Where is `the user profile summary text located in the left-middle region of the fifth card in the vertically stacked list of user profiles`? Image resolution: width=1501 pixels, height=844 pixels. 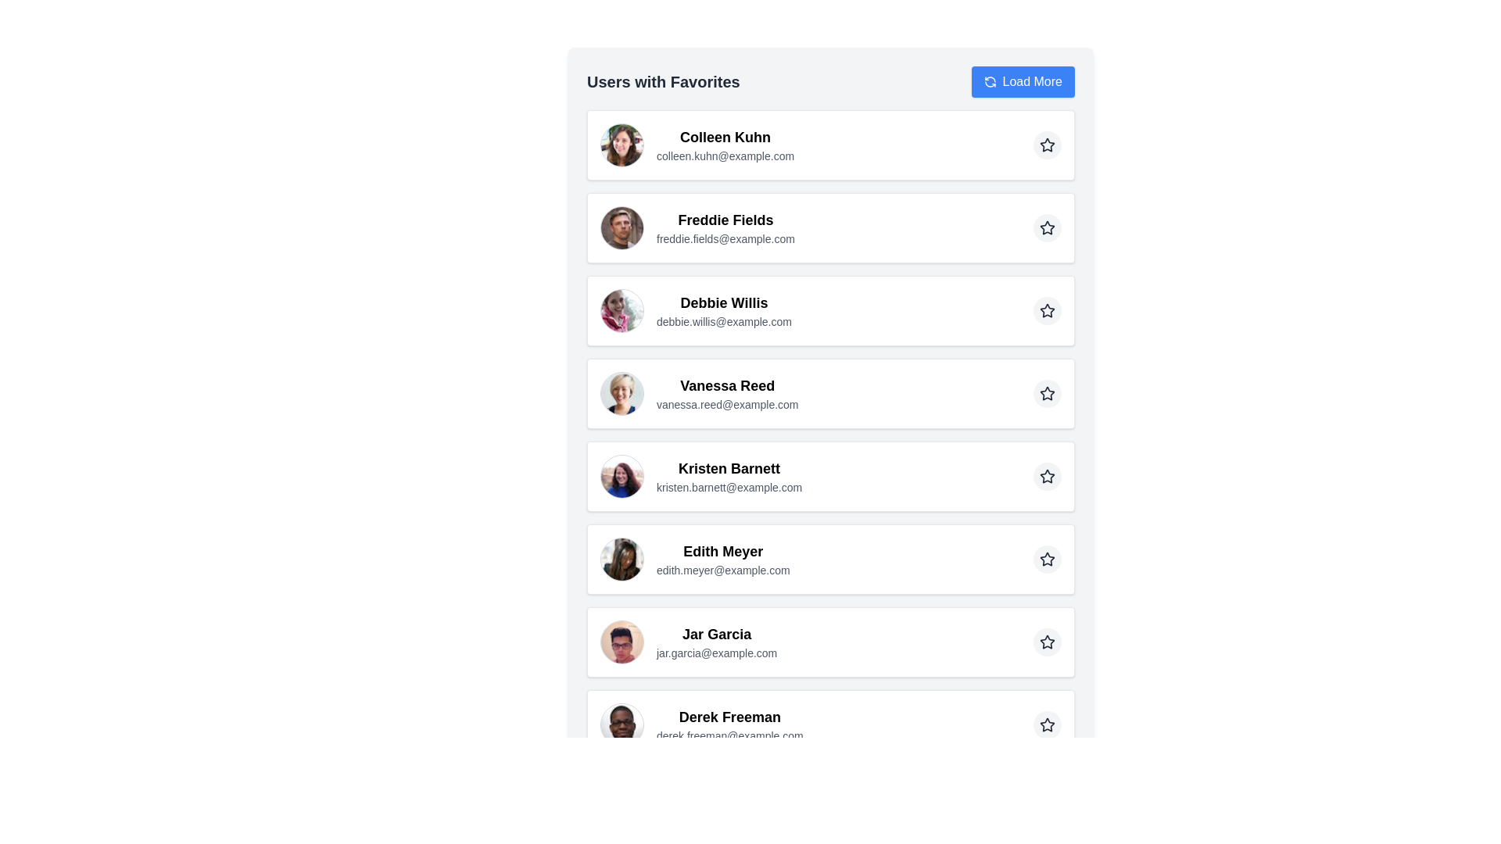 the user profile summary text located in the left-middle region of the fifth card in the vertically stacked list of user profiles is located at coordinates (700, 475).